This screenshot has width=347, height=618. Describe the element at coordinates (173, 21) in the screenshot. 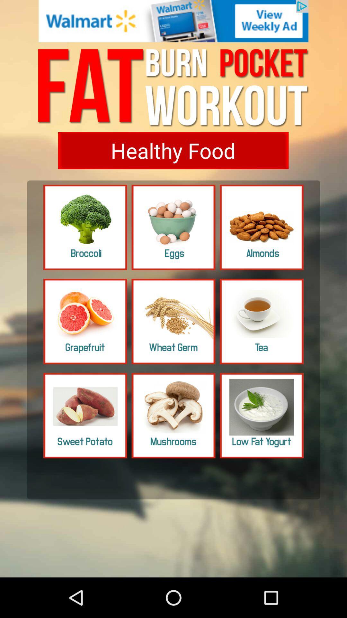

I see `advertisement display` at that location.